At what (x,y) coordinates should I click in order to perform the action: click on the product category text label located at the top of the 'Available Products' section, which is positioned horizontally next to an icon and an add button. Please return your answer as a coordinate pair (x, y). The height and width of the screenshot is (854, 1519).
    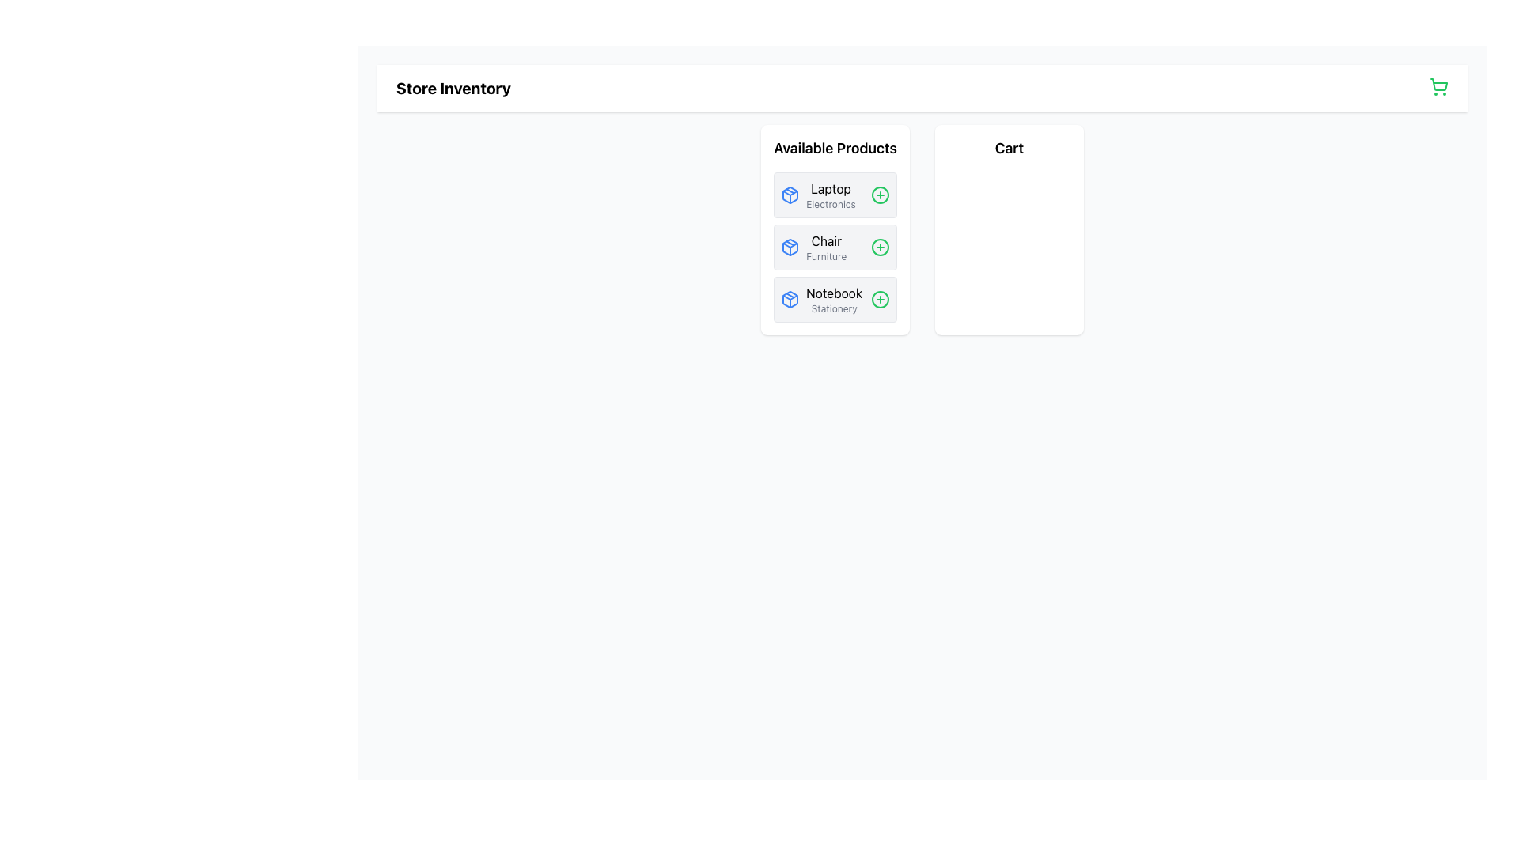
    Looking at the image, I should click on (830, 188).